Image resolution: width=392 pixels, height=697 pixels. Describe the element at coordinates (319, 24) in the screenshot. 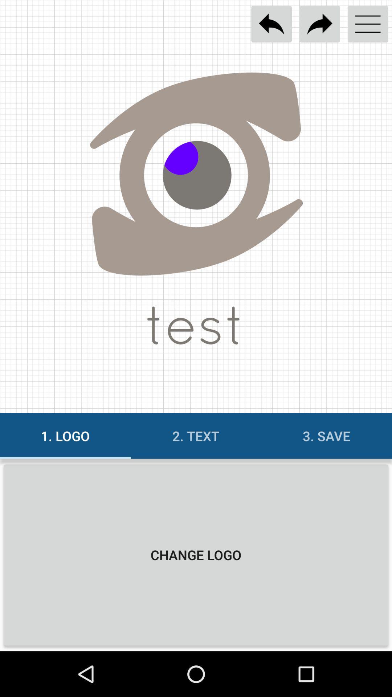

I see `redo` at that location.